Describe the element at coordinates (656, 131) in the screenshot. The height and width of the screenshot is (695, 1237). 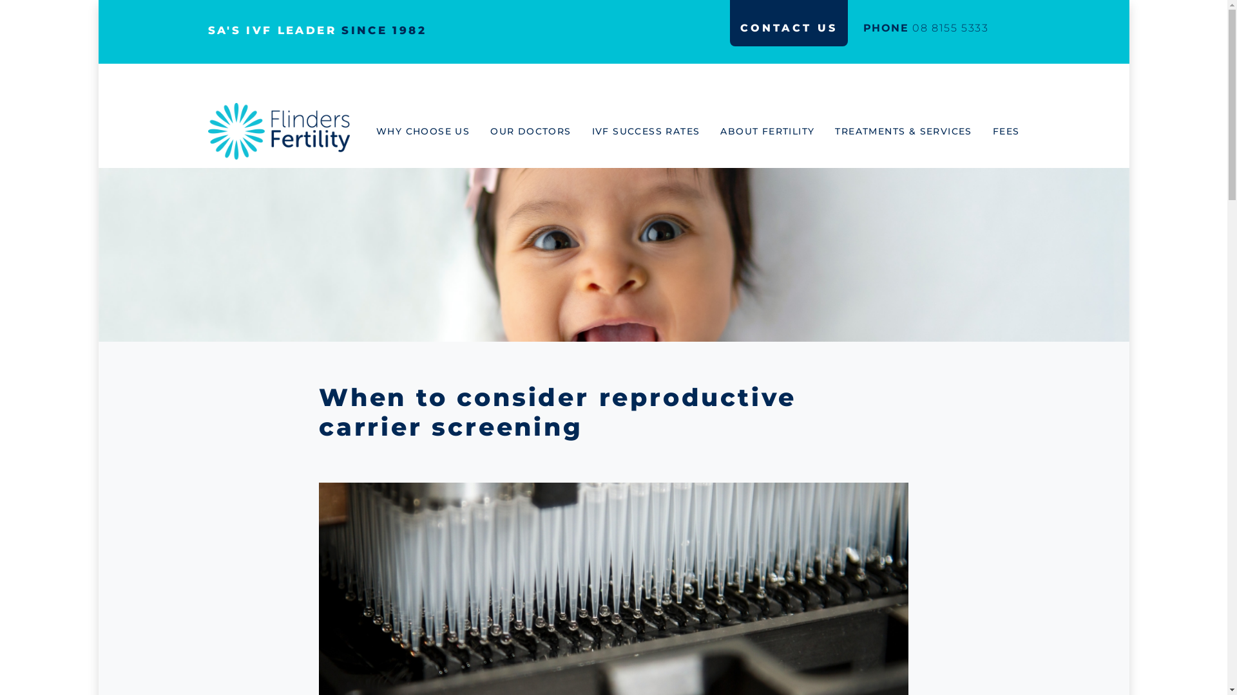
I see `'IVF SUCCESS RATES'` at that location.